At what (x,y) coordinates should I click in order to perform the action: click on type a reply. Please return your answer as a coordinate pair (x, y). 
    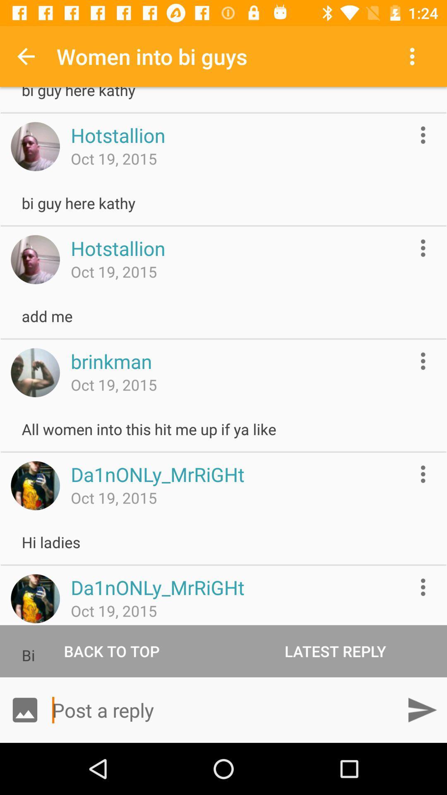
    Looking at the image, I should click on (223, 709).